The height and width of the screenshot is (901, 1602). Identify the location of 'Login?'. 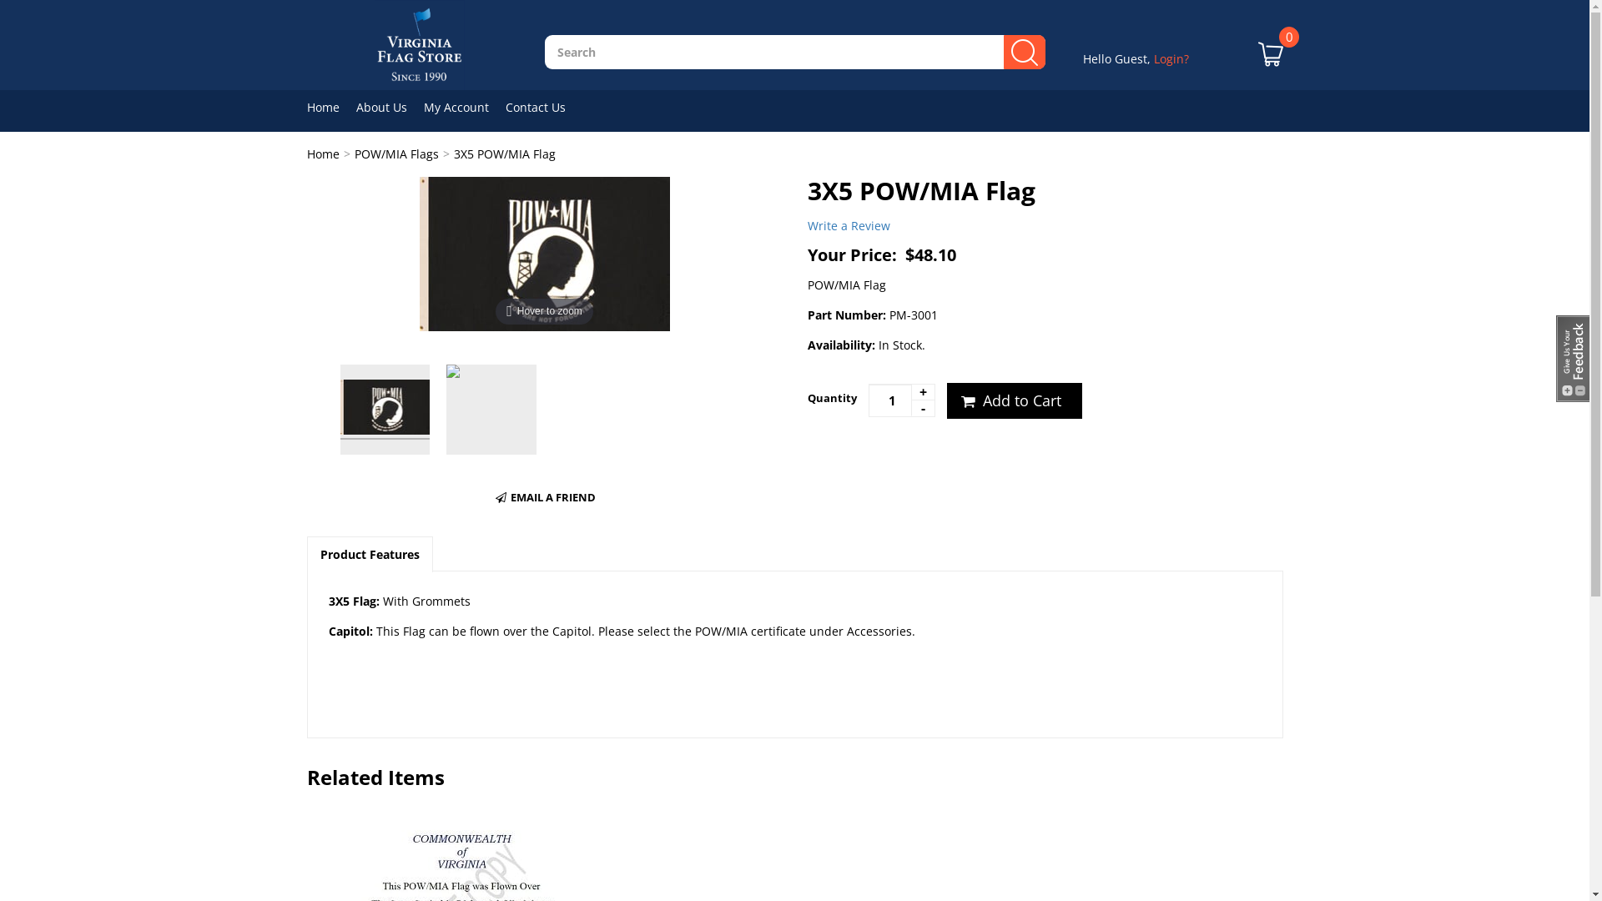
(1169, 58).